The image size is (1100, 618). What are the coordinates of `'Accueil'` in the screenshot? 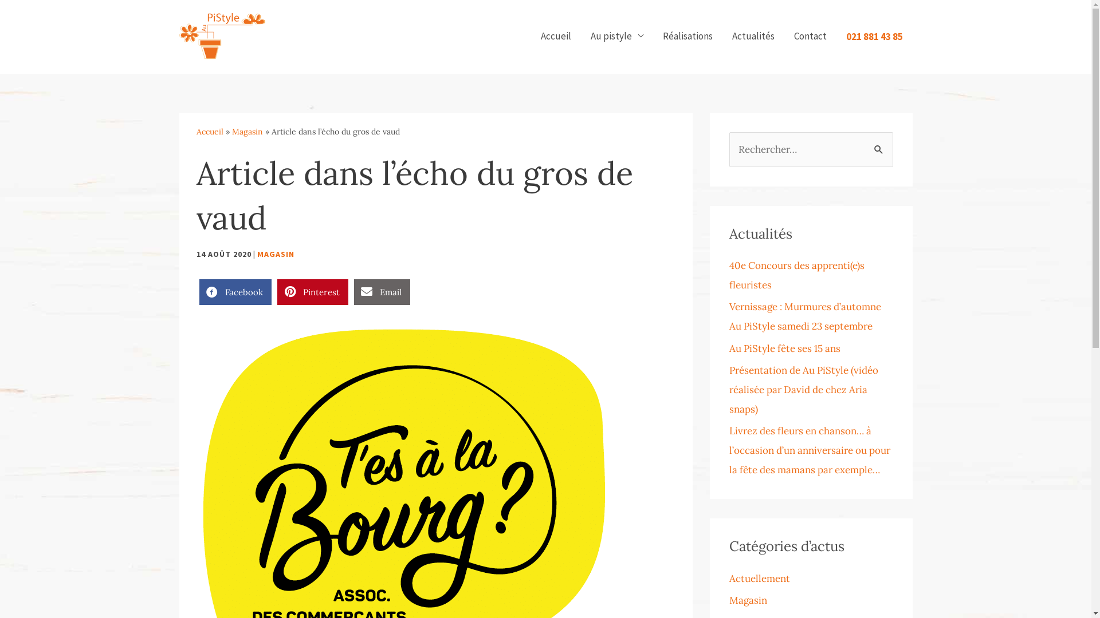 It's located at (209, 131).